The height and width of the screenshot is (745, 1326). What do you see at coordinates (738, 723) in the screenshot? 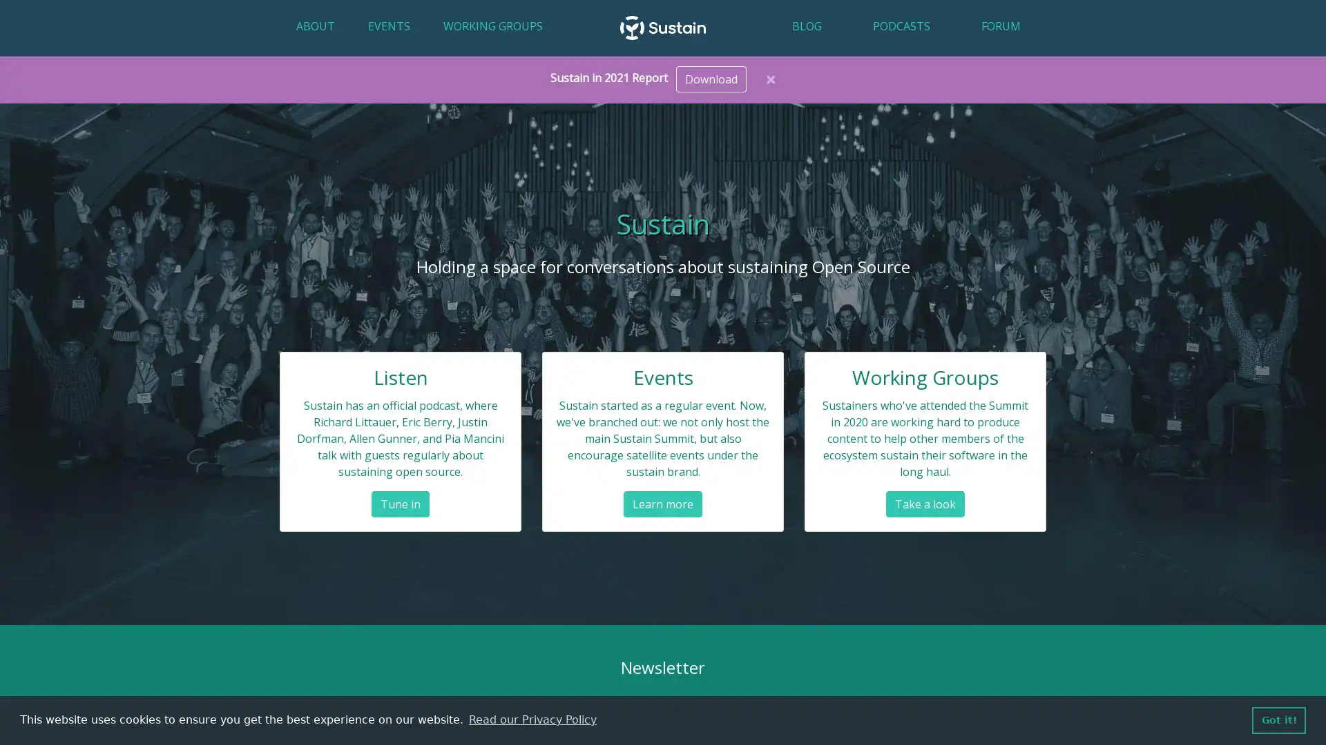
I see `Subscribe` at bounding box center [738, 723].